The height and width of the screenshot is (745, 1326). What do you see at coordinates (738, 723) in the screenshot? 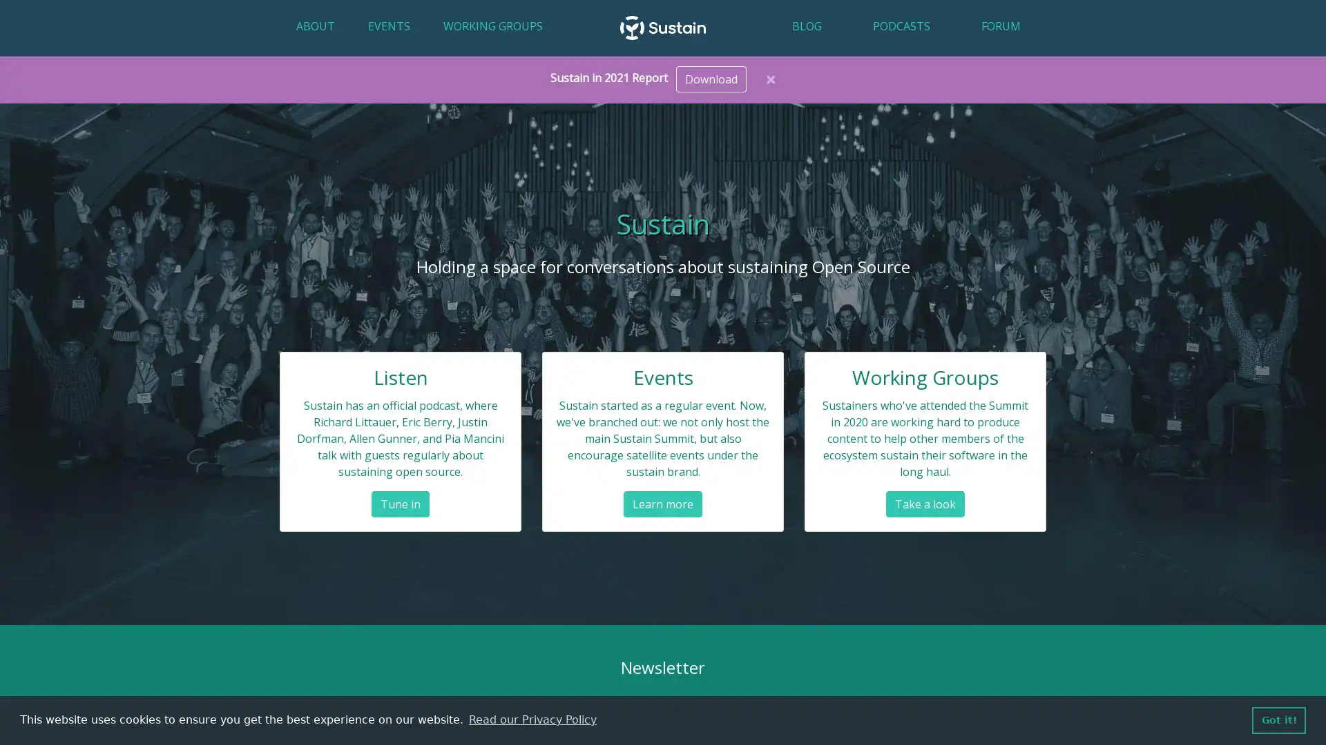
I see `Subscribe` at bounding box center [738, 723].